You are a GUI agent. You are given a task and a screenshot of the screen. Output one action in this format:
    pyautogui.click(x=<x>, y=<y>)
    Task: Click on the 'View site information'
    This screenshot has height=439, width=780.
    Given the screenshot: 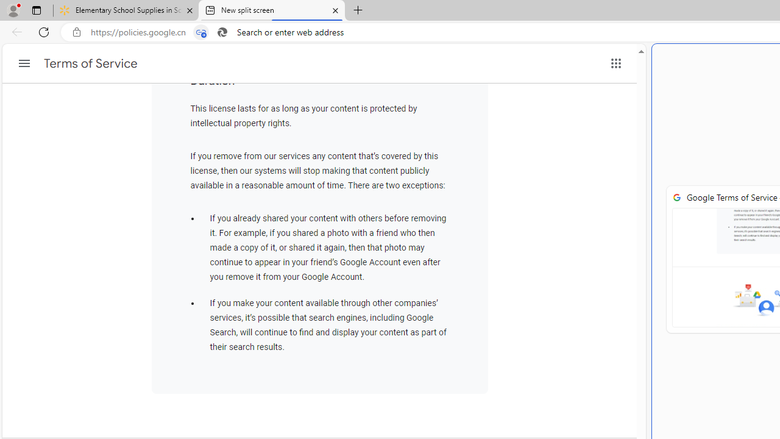 What is the action you would take?
    pyautogui.click(x=76, y=32)
    